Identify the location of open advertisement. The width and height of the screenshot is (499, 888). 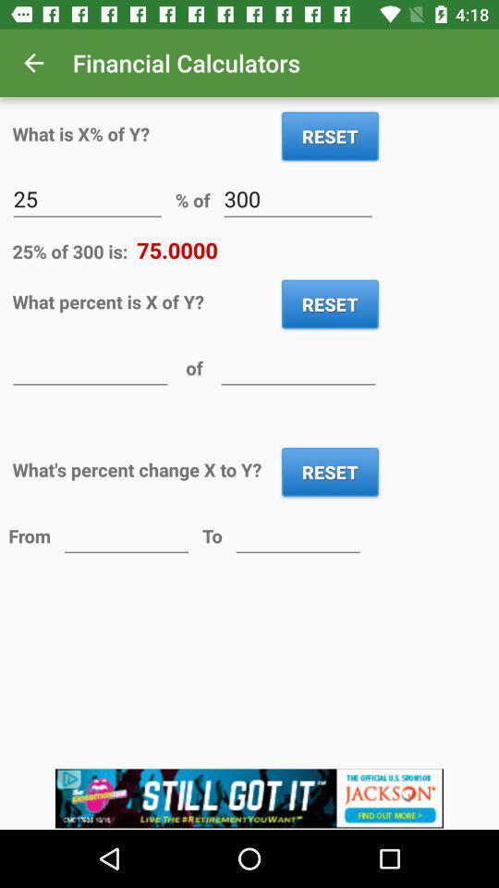
(249, 798).